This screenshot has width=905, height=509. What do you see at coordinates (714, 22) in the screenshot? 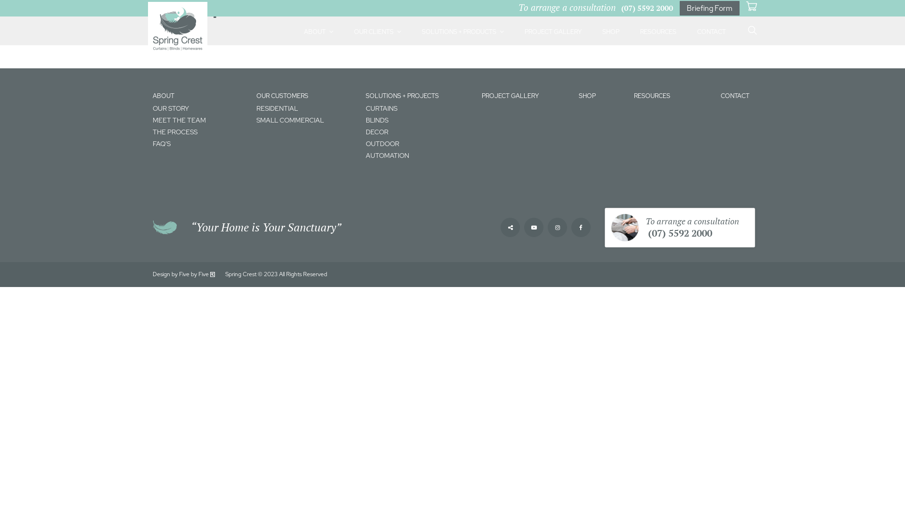
I see `'Search'` at bounding box center [714, 22].